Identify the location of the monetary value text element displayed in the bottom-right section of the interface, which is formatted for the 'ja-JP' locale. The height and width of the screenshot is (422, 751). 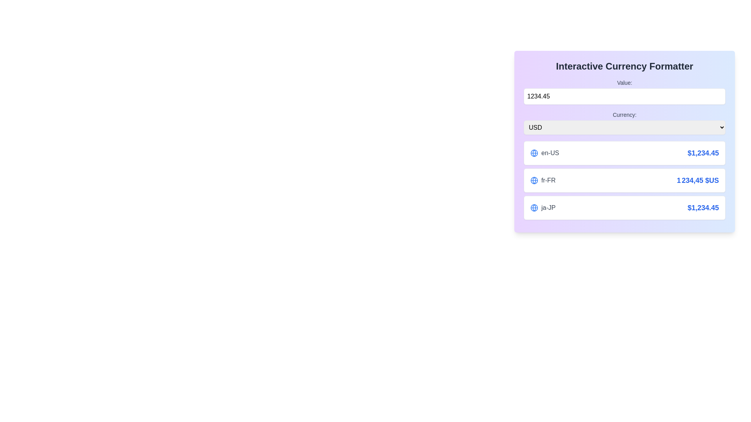
(703, 207).